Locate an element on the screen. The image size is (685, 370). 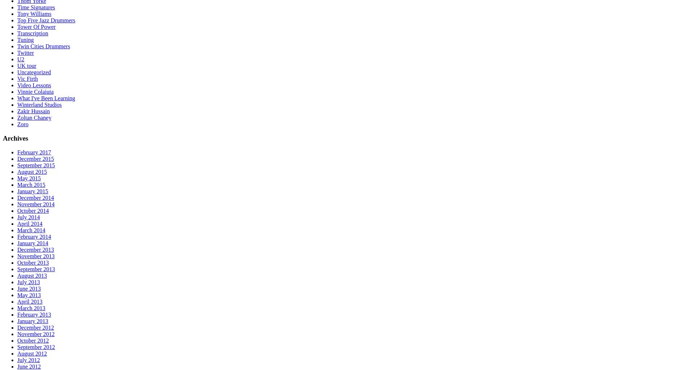
'December 2015' is located at coordinates (35, 158).